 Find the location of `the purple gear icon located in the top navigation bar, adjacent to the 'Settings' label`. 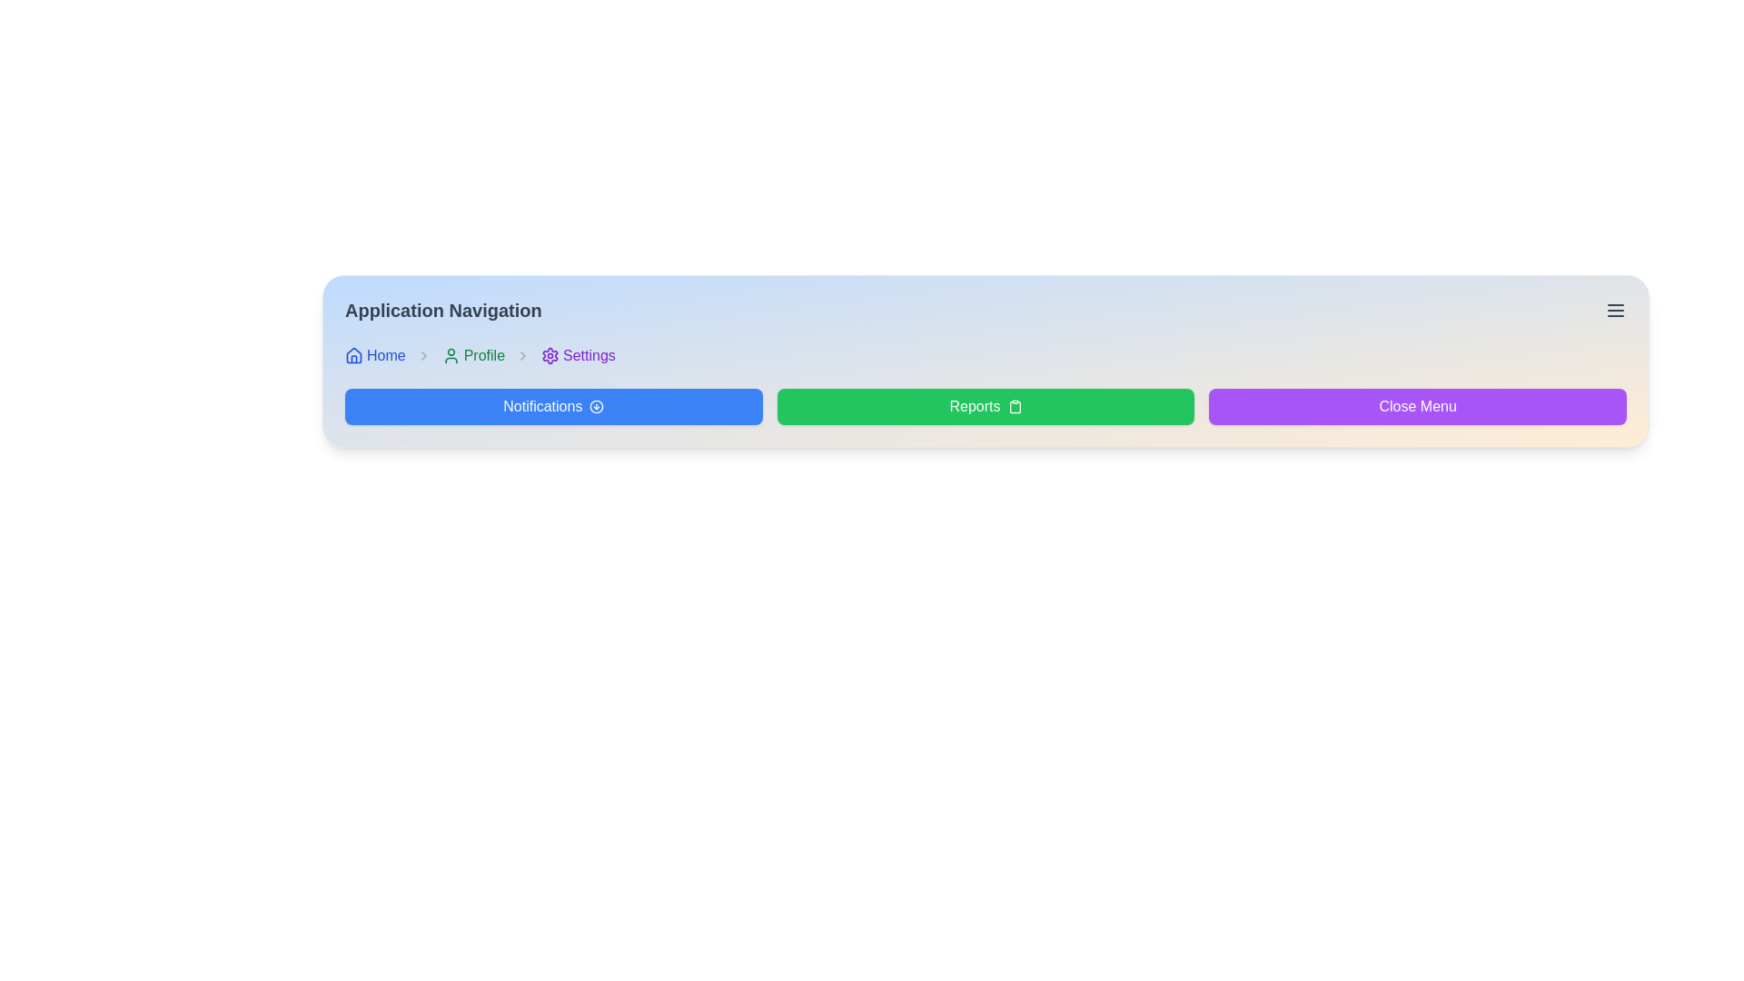

the purple gear icon located in the top navigation bar, adjacent to the 'Settings' label is located at coordinates (550, 356).